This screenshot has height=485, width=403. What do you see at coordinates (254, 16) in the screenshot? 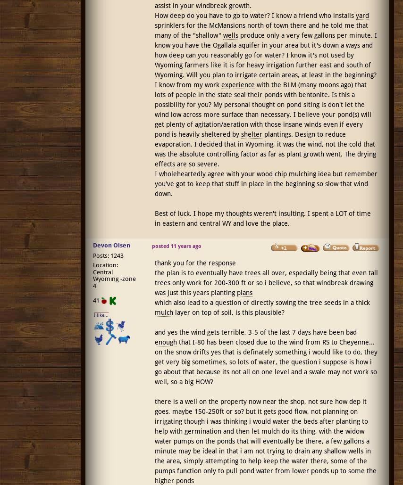
I see `'How deep do you have to go to water?  I know a friend who installs'` at bounding box center [254, 16].